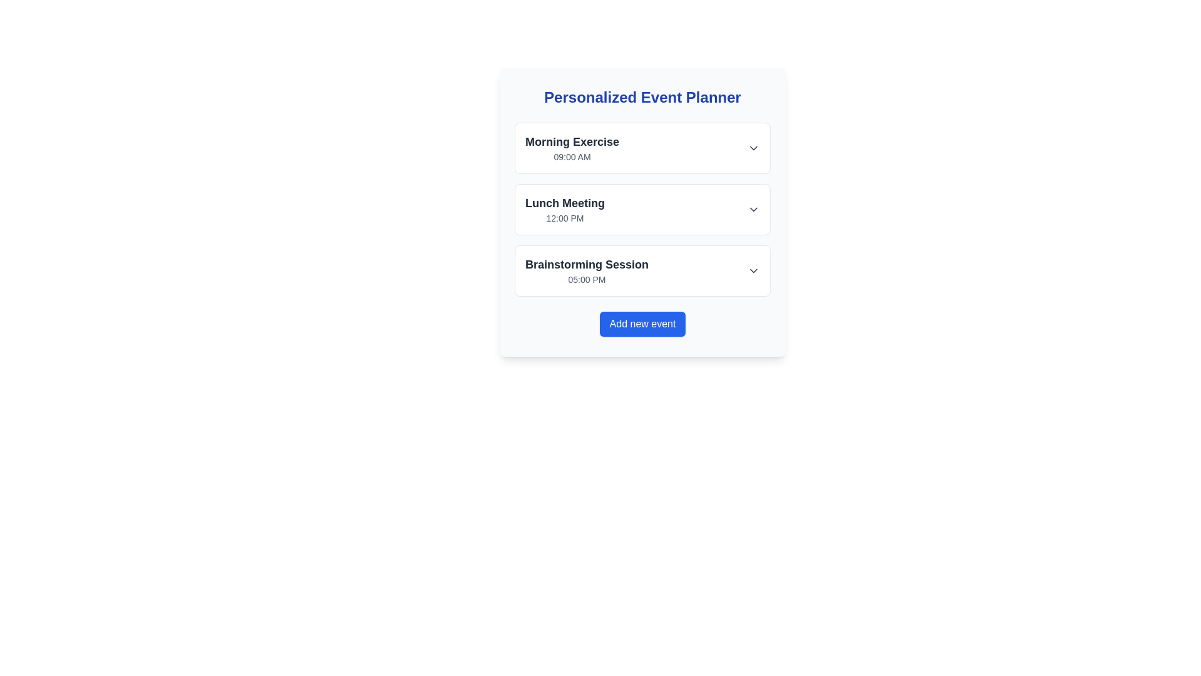 The height and width of the screenshot is (676, 1201). I want to click on the downward-pointing chevron icon styled in gray, located in the lower-right corner, so click(753, 270).